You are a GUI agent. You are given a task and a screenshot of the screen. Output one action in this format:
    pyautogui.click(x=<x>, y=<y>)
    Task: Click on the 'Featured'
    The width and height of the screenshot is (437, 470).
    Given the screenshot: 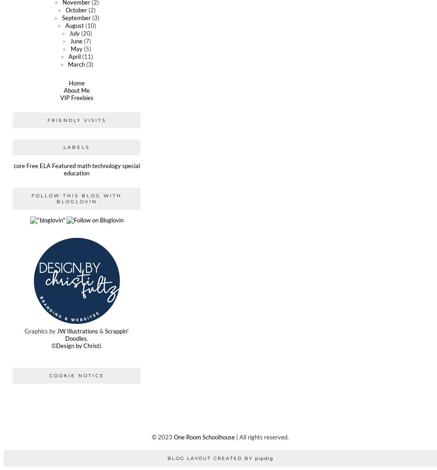 What is the action you would take?
    pyautogui.click(x=52, y=166)
    